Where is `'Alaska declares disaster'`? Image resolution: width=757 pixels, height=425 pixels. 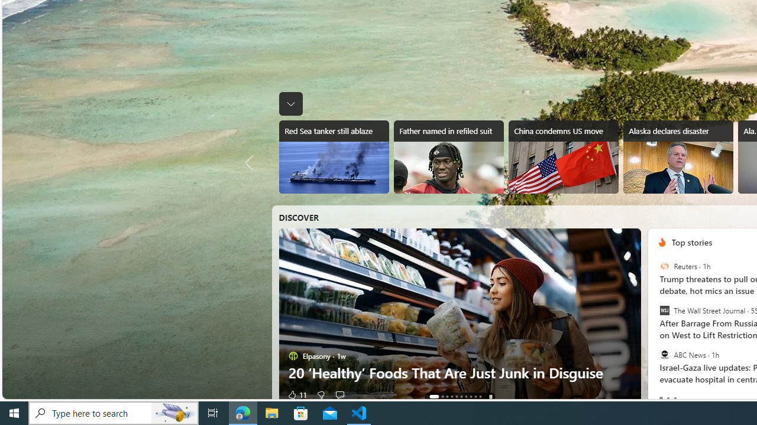 'Alaska declares disaster' is located at coordinates (678, 156).